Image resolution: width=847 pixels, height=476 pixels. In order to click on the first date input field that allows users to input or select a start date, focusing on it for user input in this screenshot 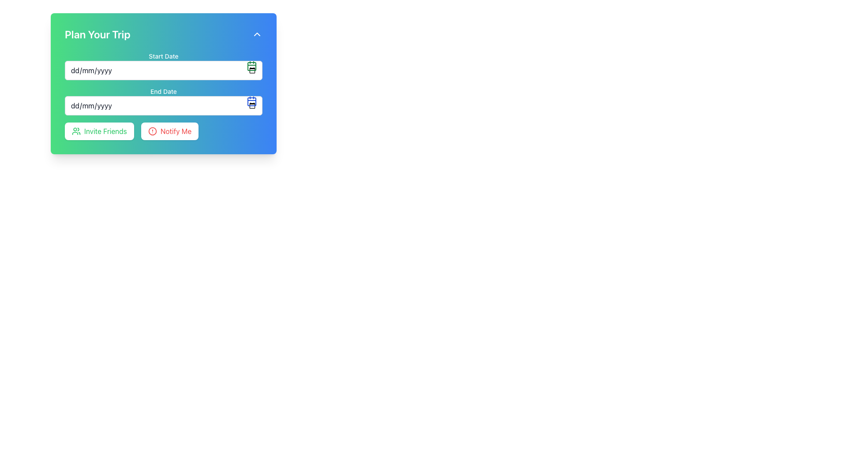, I will do `click(163, 66)`.